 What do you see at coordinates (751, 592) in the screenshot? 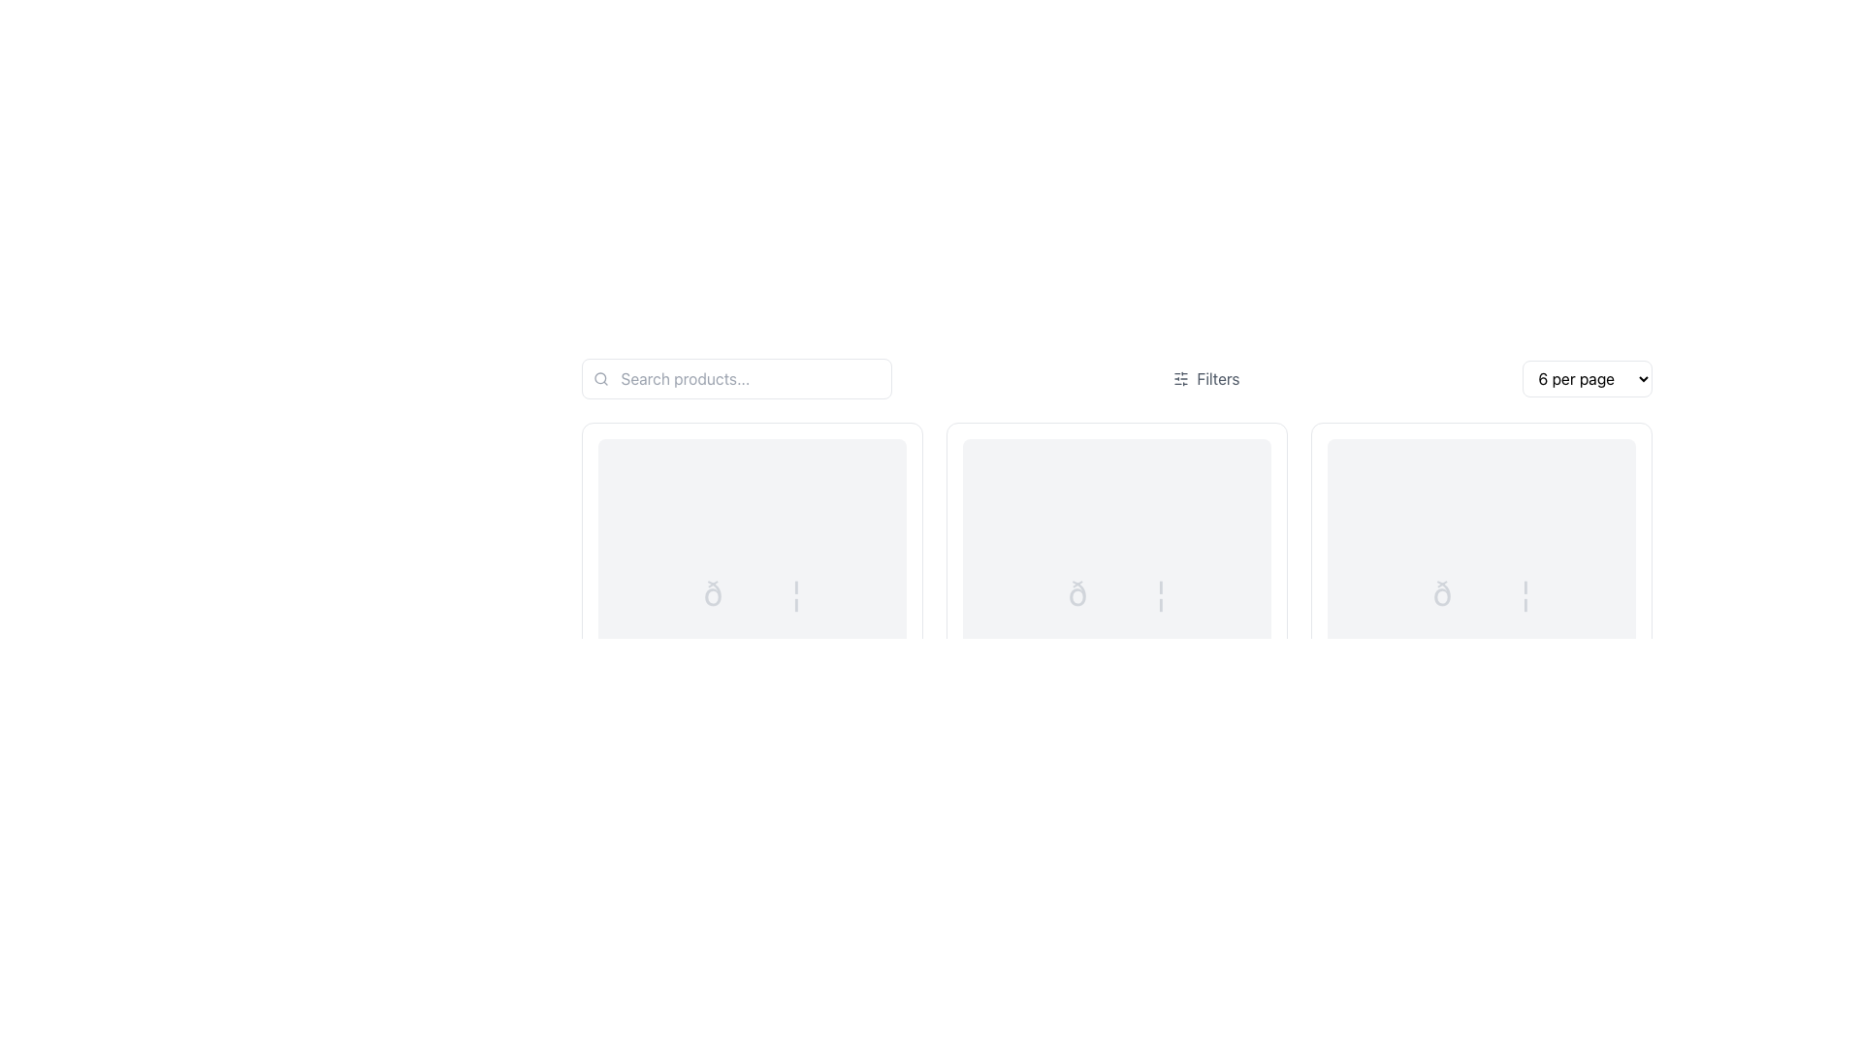
I see `the square-shaped image placeholder with a light gray background and rounded corners, which contains a centrally aligned graphic resembling a box or package` at bounding box center [751, 592].